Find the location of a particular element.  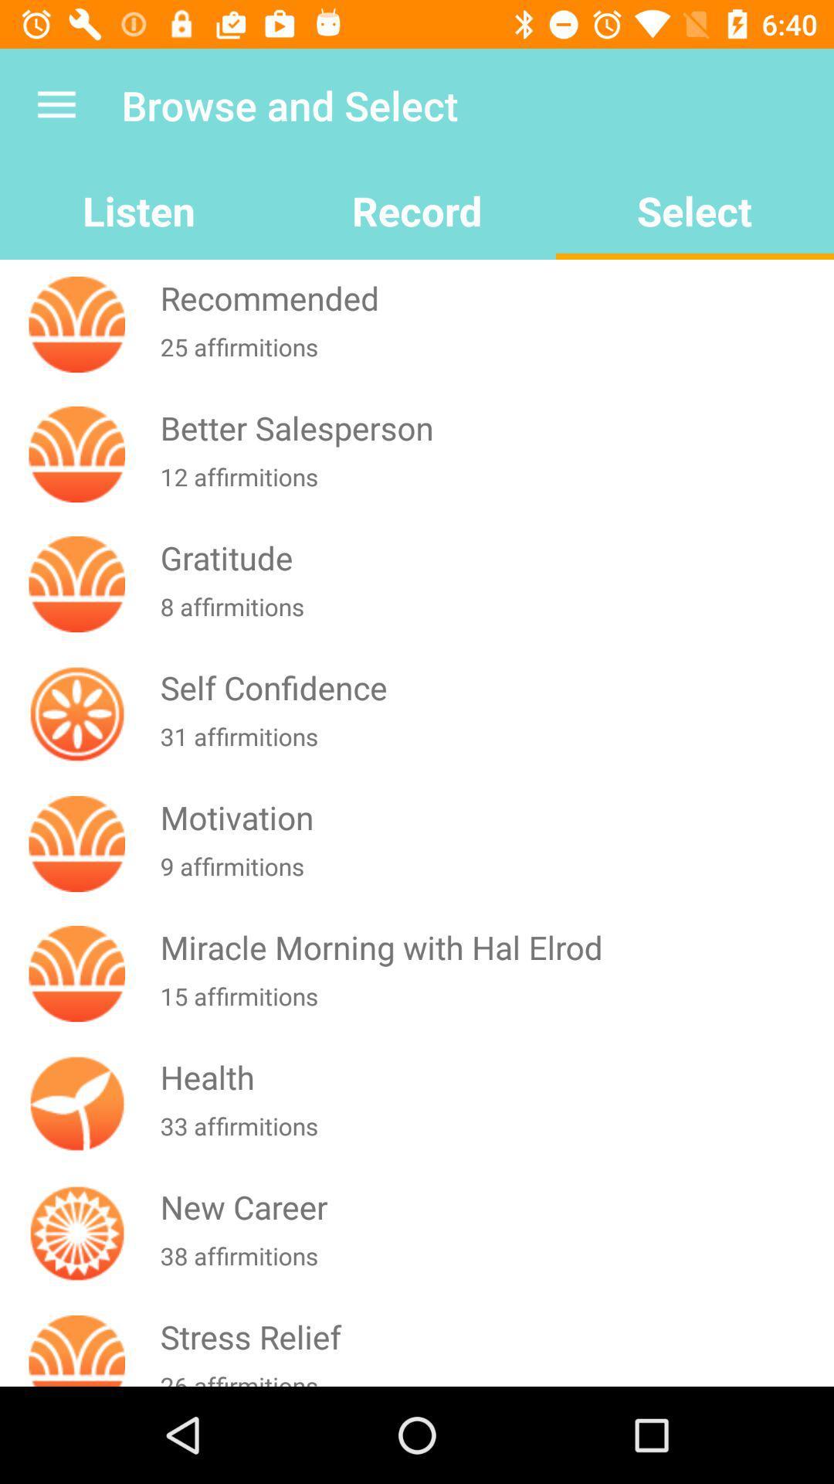

the icon above the listen icon is located at coordinates (56, 104).